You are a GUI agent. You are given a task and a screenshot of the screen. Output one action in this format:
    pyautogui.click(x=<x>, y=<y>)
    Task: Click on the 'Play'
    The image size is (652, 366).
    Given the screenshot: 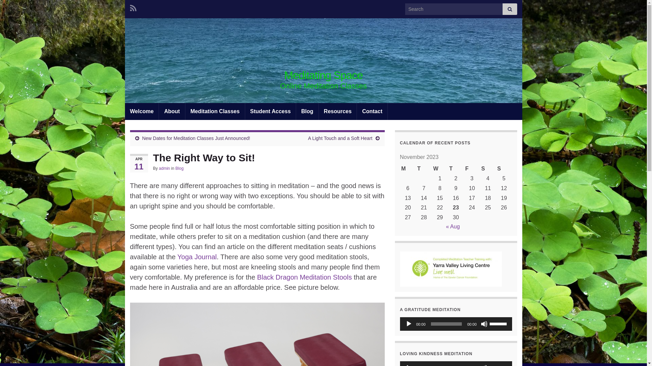 What is the action you would take?
    pyautogui.click(x=409, y=324)
    